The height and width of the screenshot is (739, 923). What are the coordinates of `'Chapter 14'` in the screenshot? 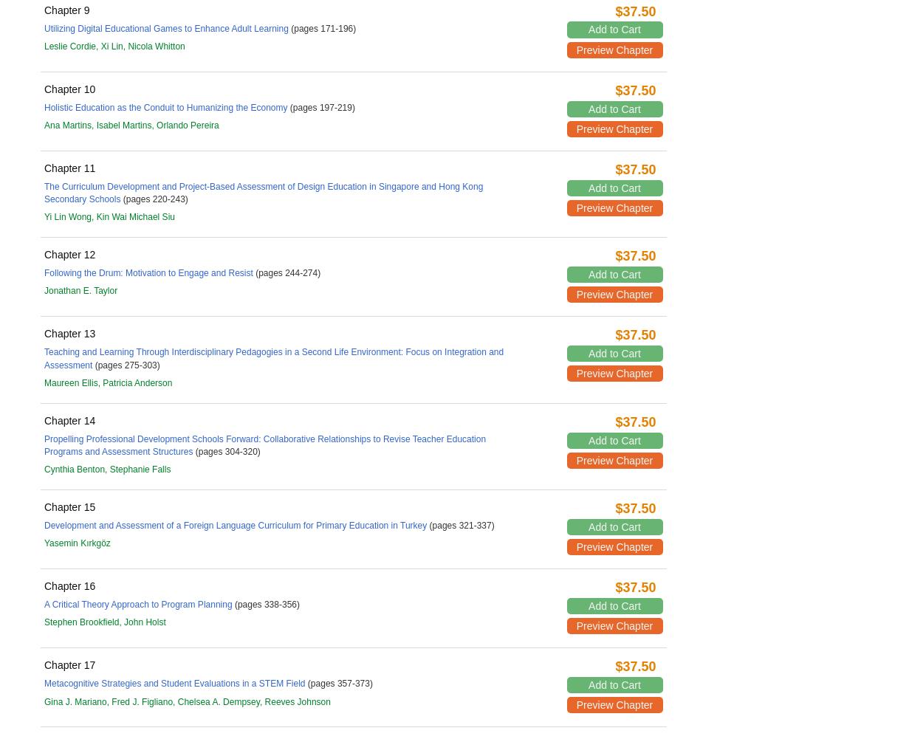 It's located at (69, 419).